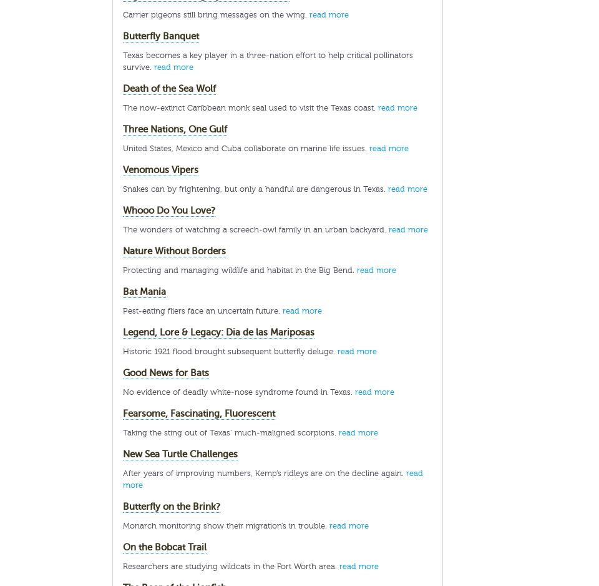 The image size is (599, 586). I want to click on 'Protecting and managing wildlife and habitat in the Big Bend.', so click(239, 270).